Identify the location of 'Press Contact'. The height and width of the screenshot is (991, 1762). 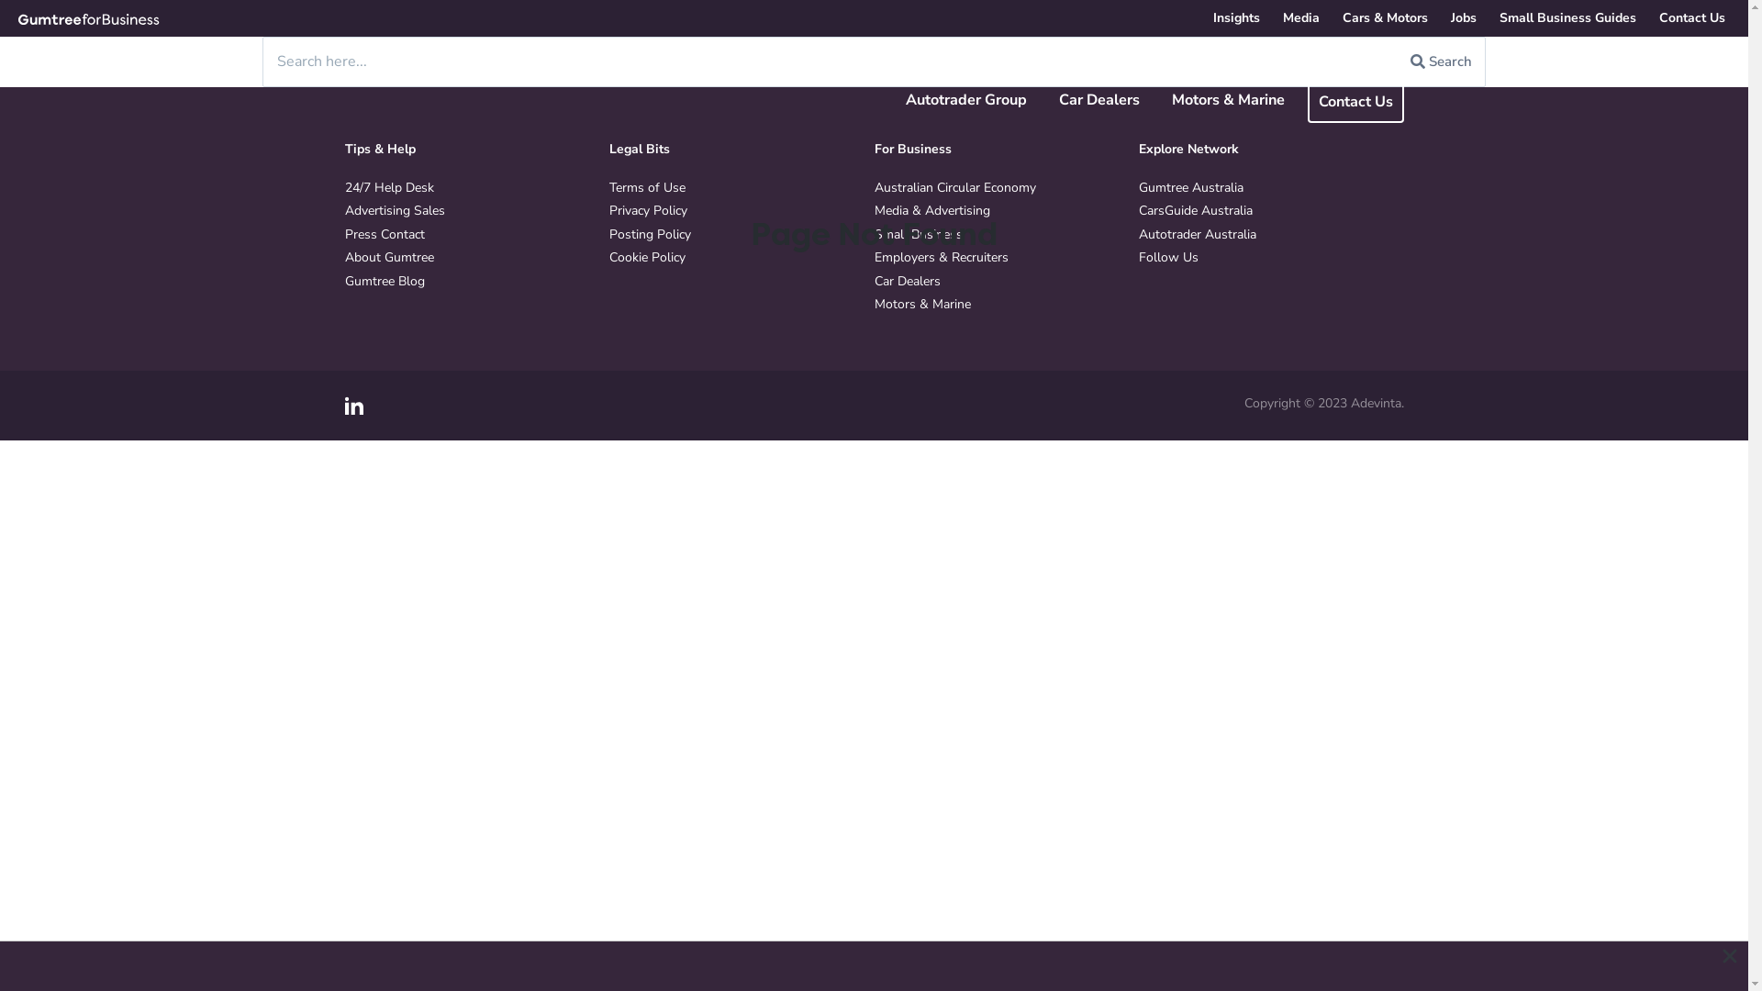
(384, 233).